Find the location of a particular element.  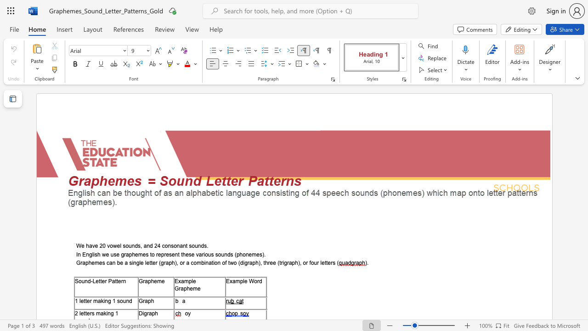

the subset text "nd" within the text "1 letter making 1 sound" is located at coordinates (125, 301).